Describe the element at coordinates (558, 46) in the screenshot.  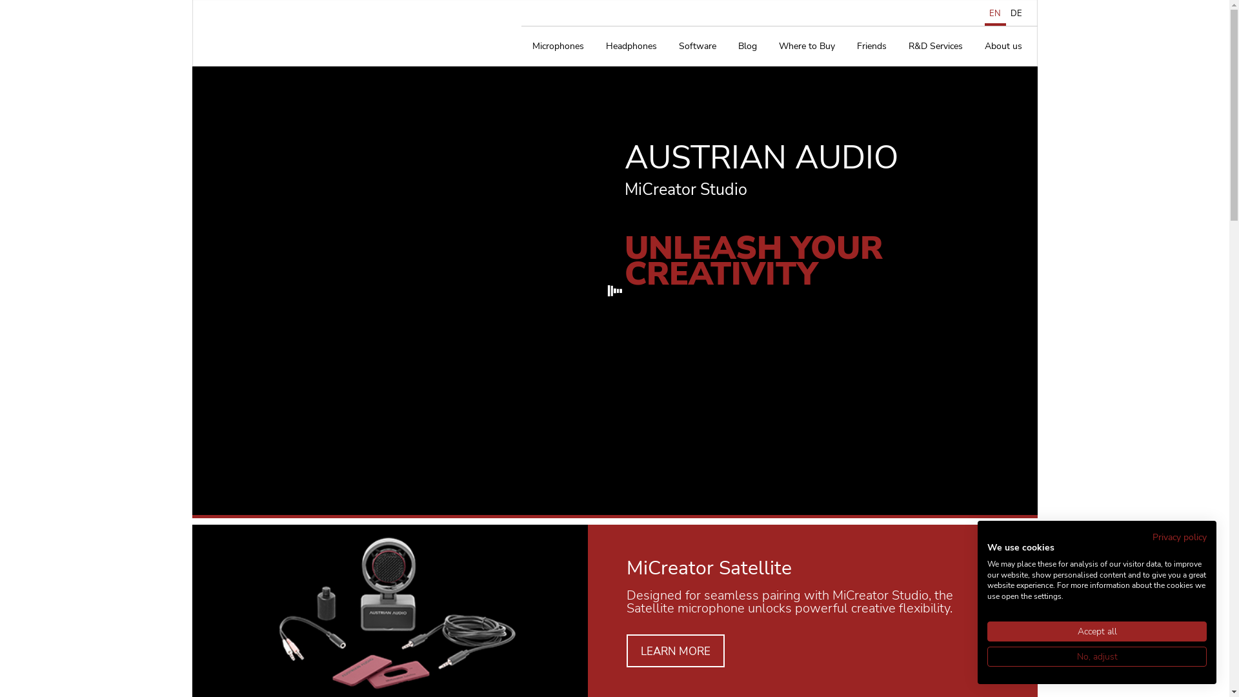
I see `'Microphones'` at that location.